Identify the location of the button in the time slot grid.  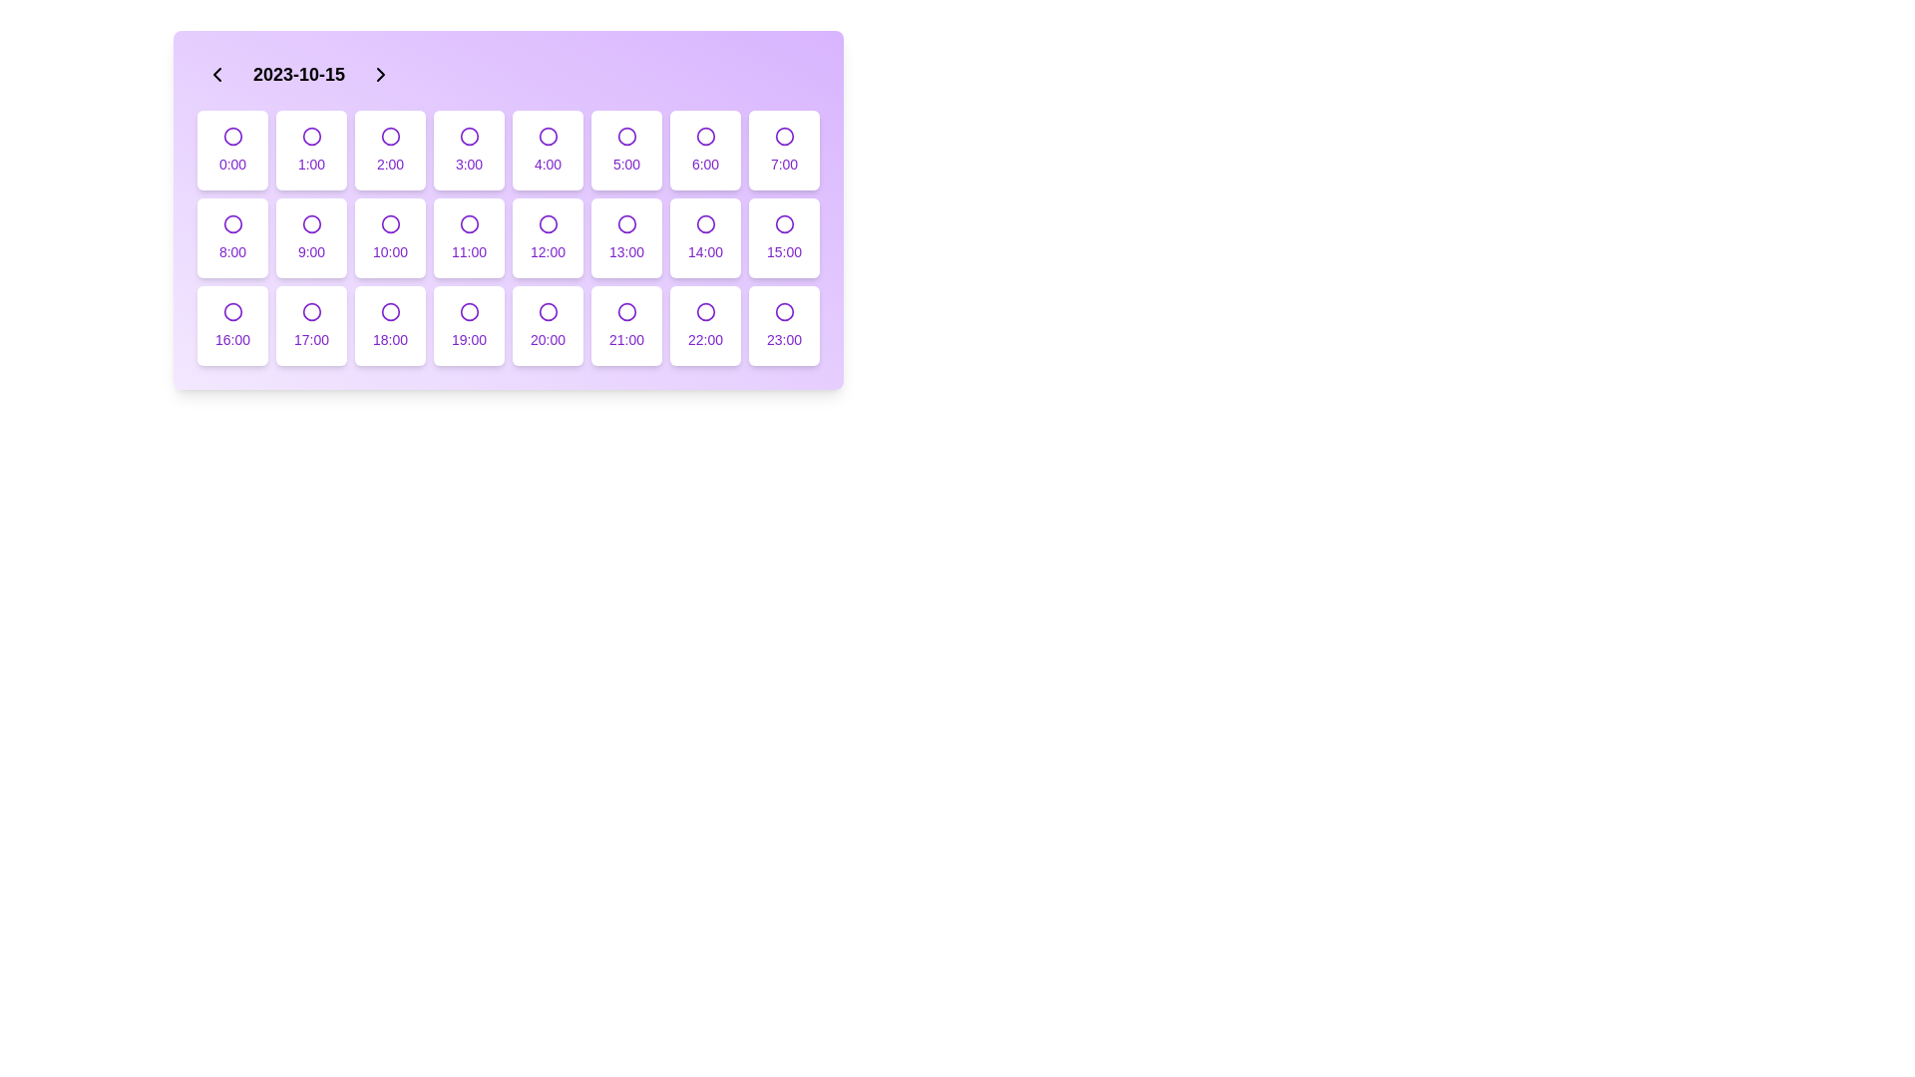
(310, 325).